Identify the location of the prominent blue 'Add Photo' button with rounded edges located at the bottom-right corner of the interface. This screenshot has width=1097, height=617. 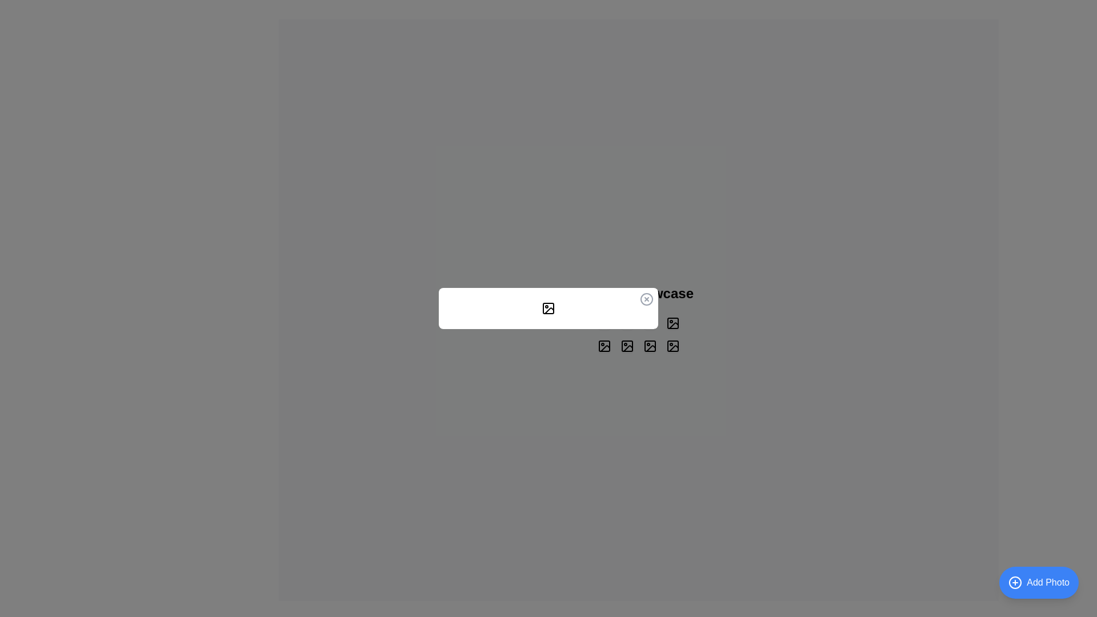
(1039, 582).